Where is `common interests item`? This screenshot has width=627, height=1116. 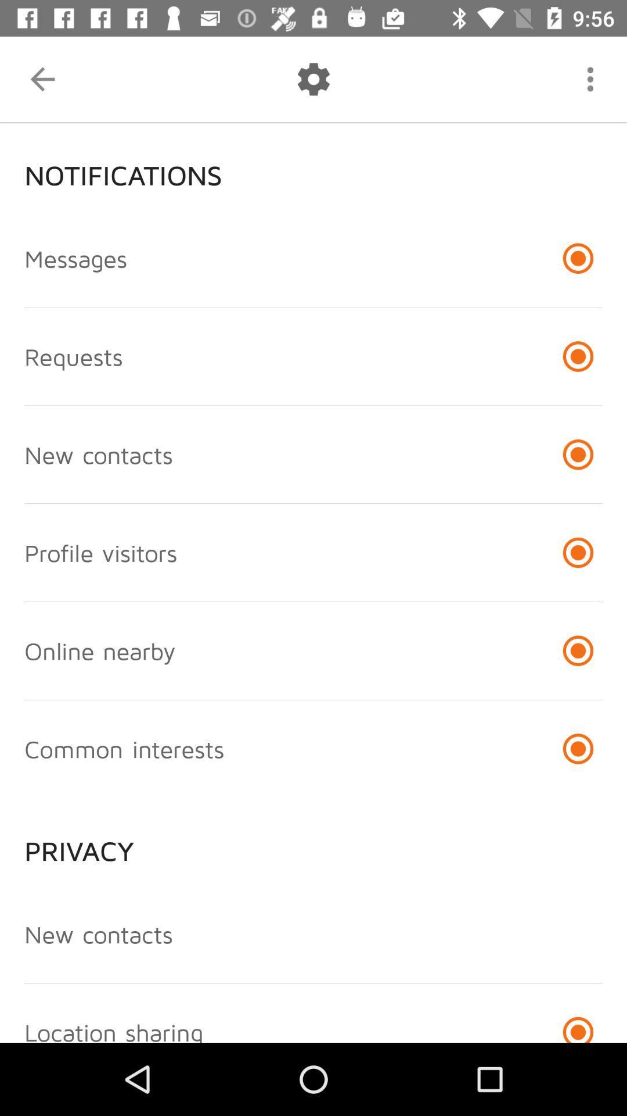 common interests item is located at coordinates (124, 749).